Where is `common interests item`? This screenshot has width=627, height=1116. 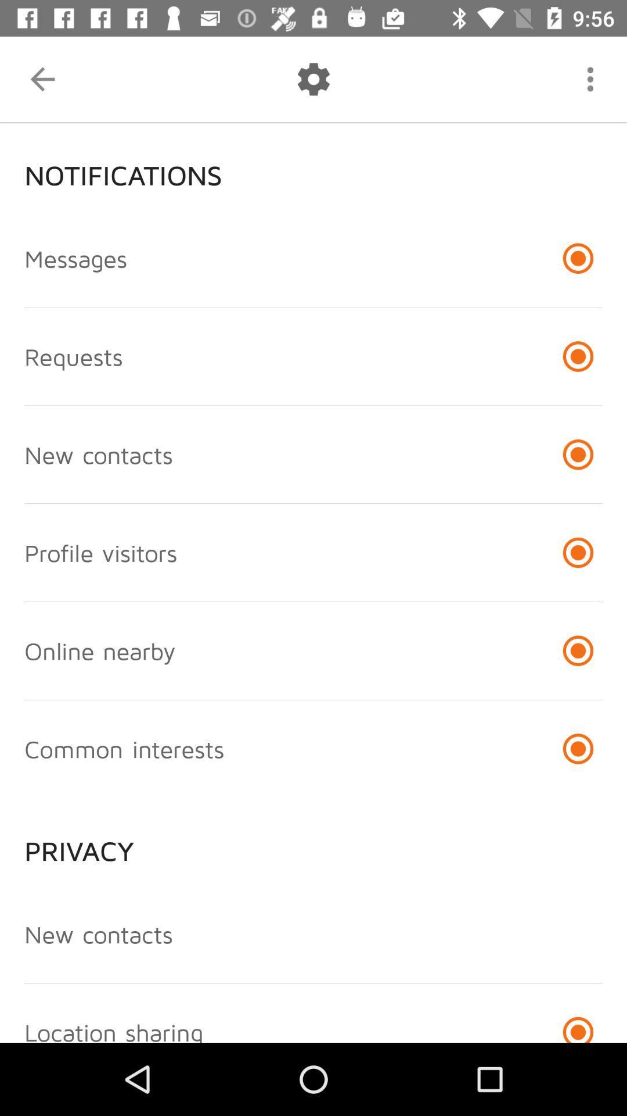 common interests item is located at coordinates (124, 749).